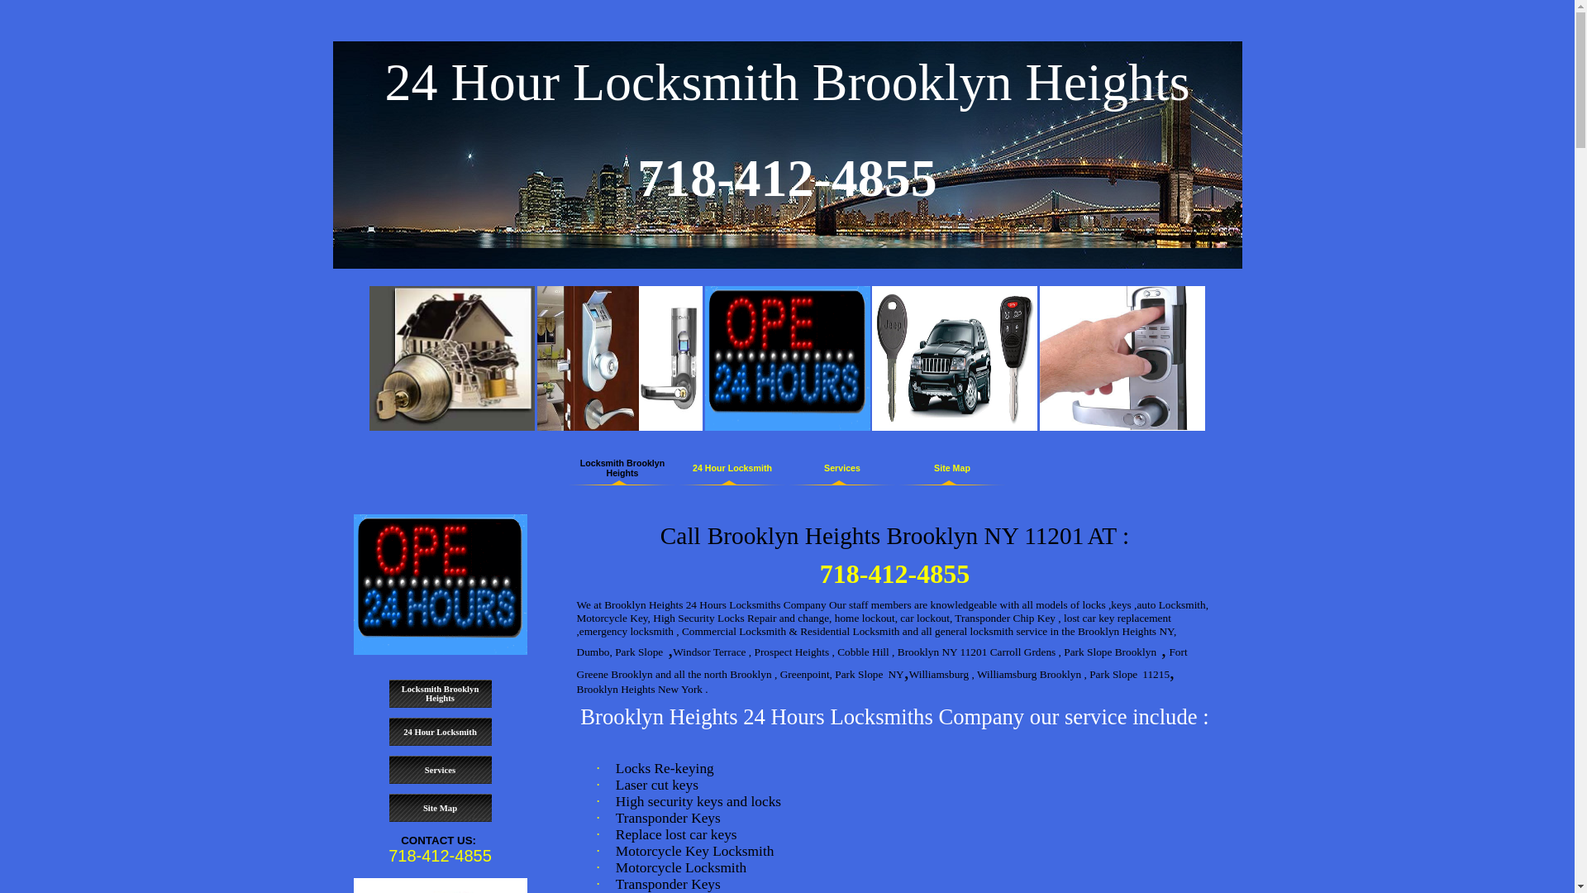 This screenshot has height=893, width=1587. What do you see at coordinates (388, 770) in the screenshot?
I see `'Services'` at bounding box center [388, 770].